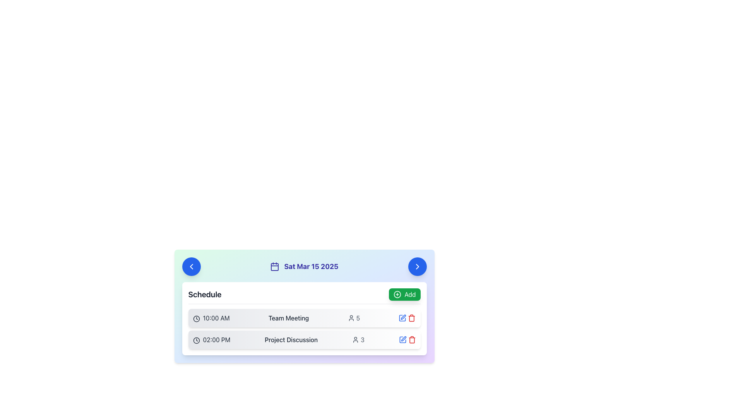 The image size is (743, 418). What do you see at coordinates (355, 339) in the screenshot?
I see `the user silhouette icon located to the left of the number '3' in the 'Project Discussion' event row` at bounding box center [355, 339].